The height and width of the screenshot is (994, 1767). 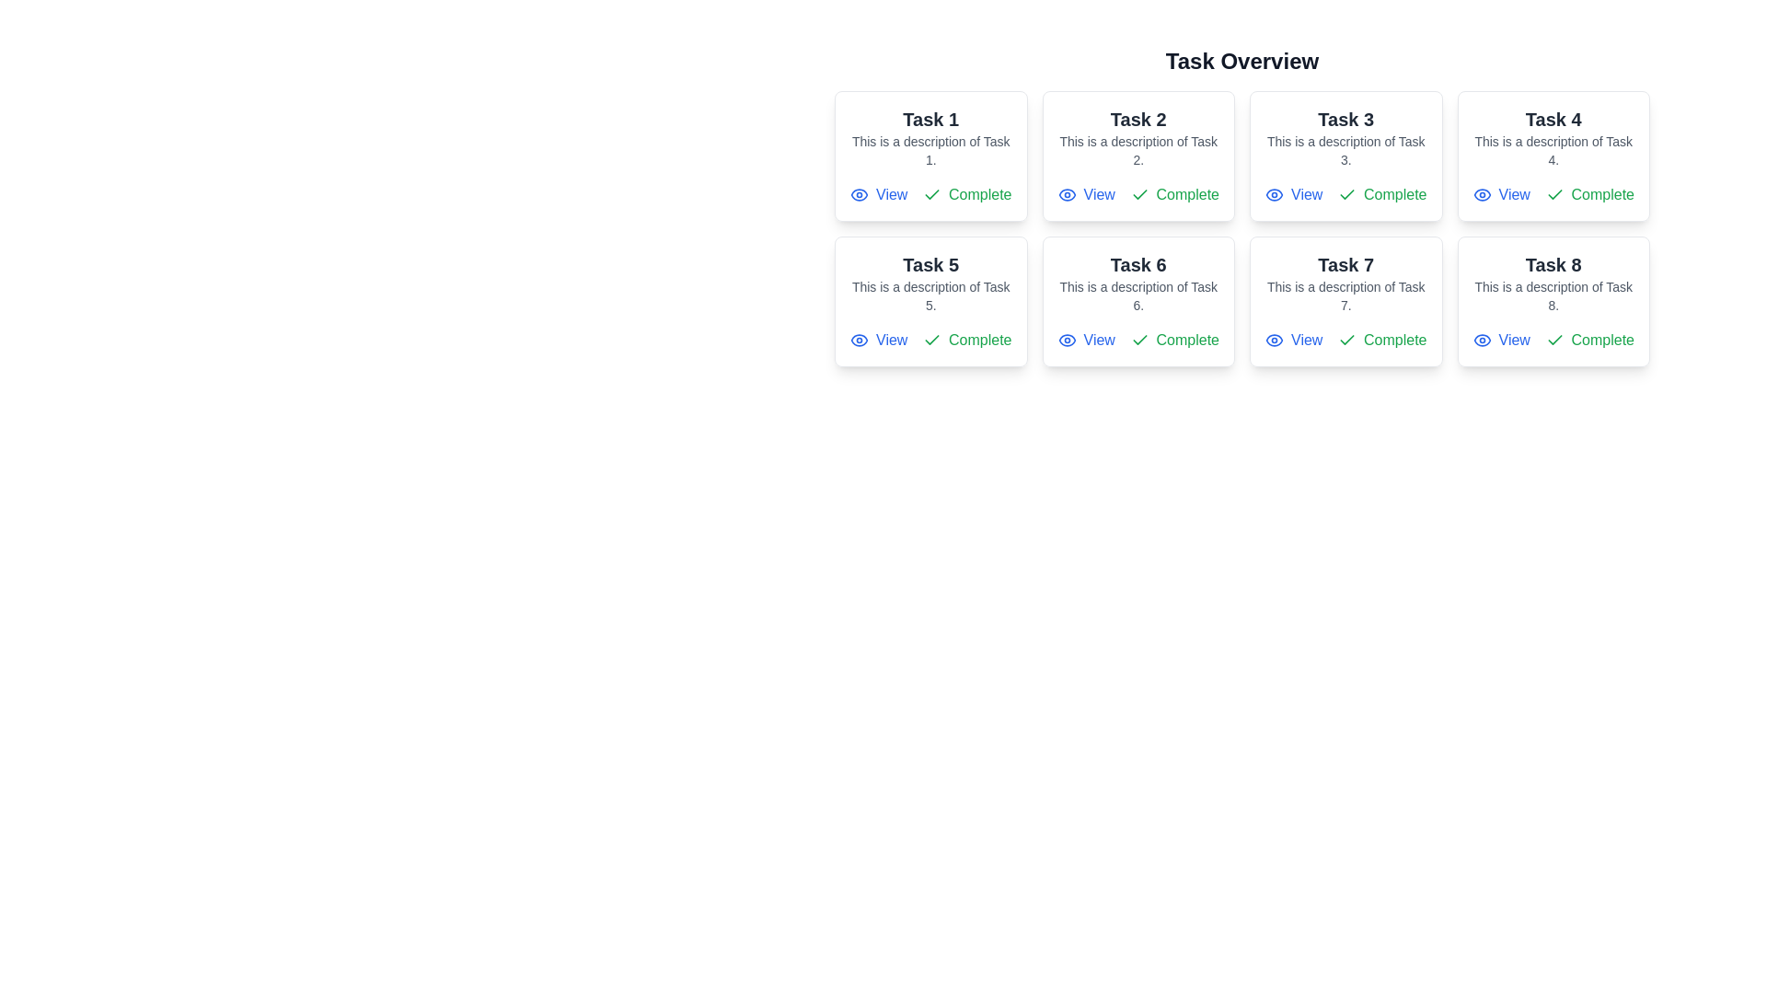 I want to click on the 'View' button, which is a blue-colored text labeled 'View' located within the card for 'Task 5', to observe visual feedback, so click(x=878, y=341).